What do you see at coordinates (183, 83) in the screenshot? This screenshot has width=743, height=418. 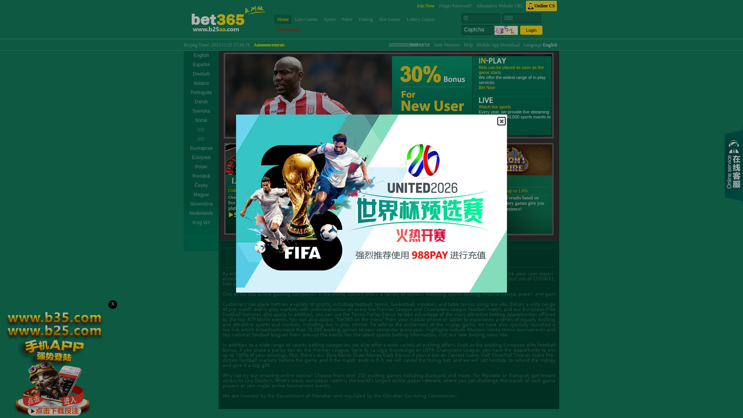 I see `'Italiano'` at bounding box center [183, 83].